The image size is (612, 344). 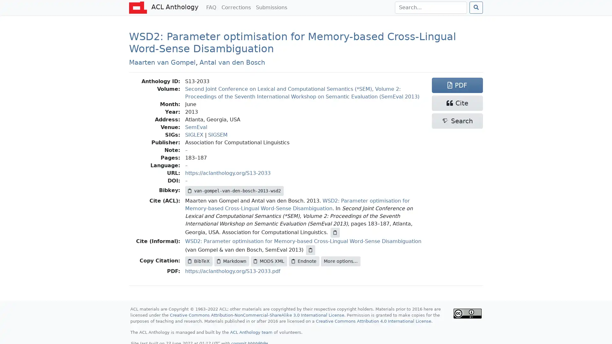 What do you see at coordinates (340, 261) in the screenshot?
I see `More options...` at bounding box center [340, 261].